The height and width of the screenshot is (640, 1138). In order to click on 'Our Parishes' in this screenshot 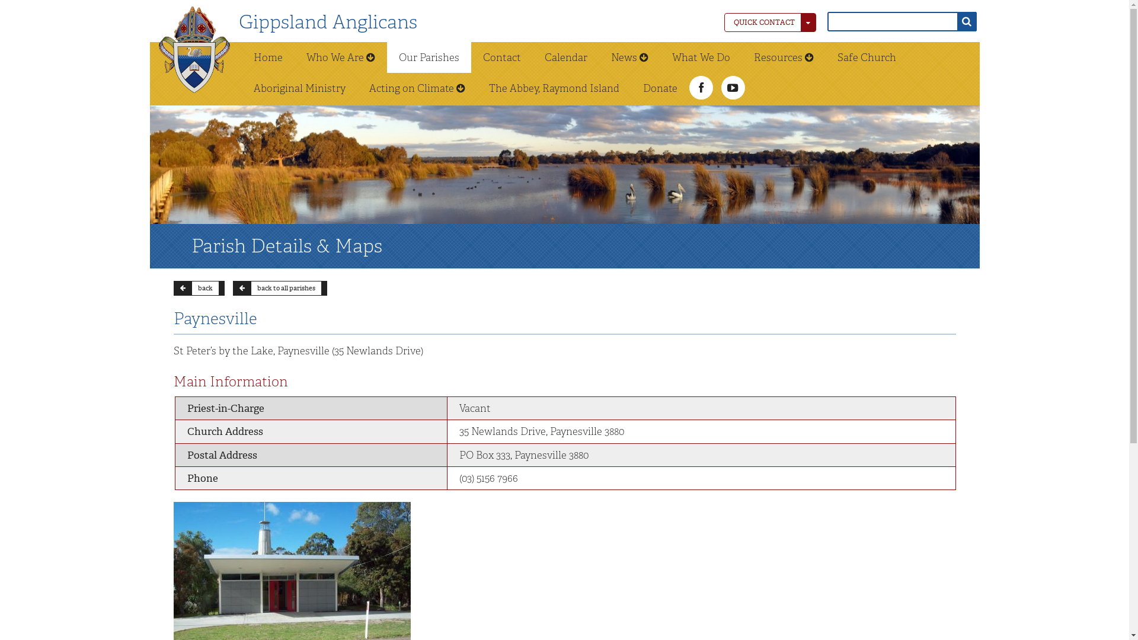, I will do `click(428, 57)`.